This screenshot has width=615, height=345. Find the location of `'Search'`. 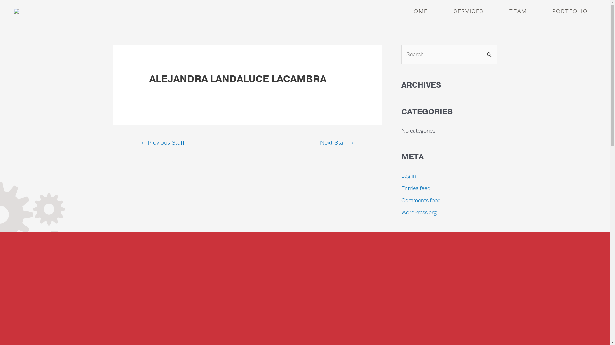

'Search' is located at coordinates (490, 51).